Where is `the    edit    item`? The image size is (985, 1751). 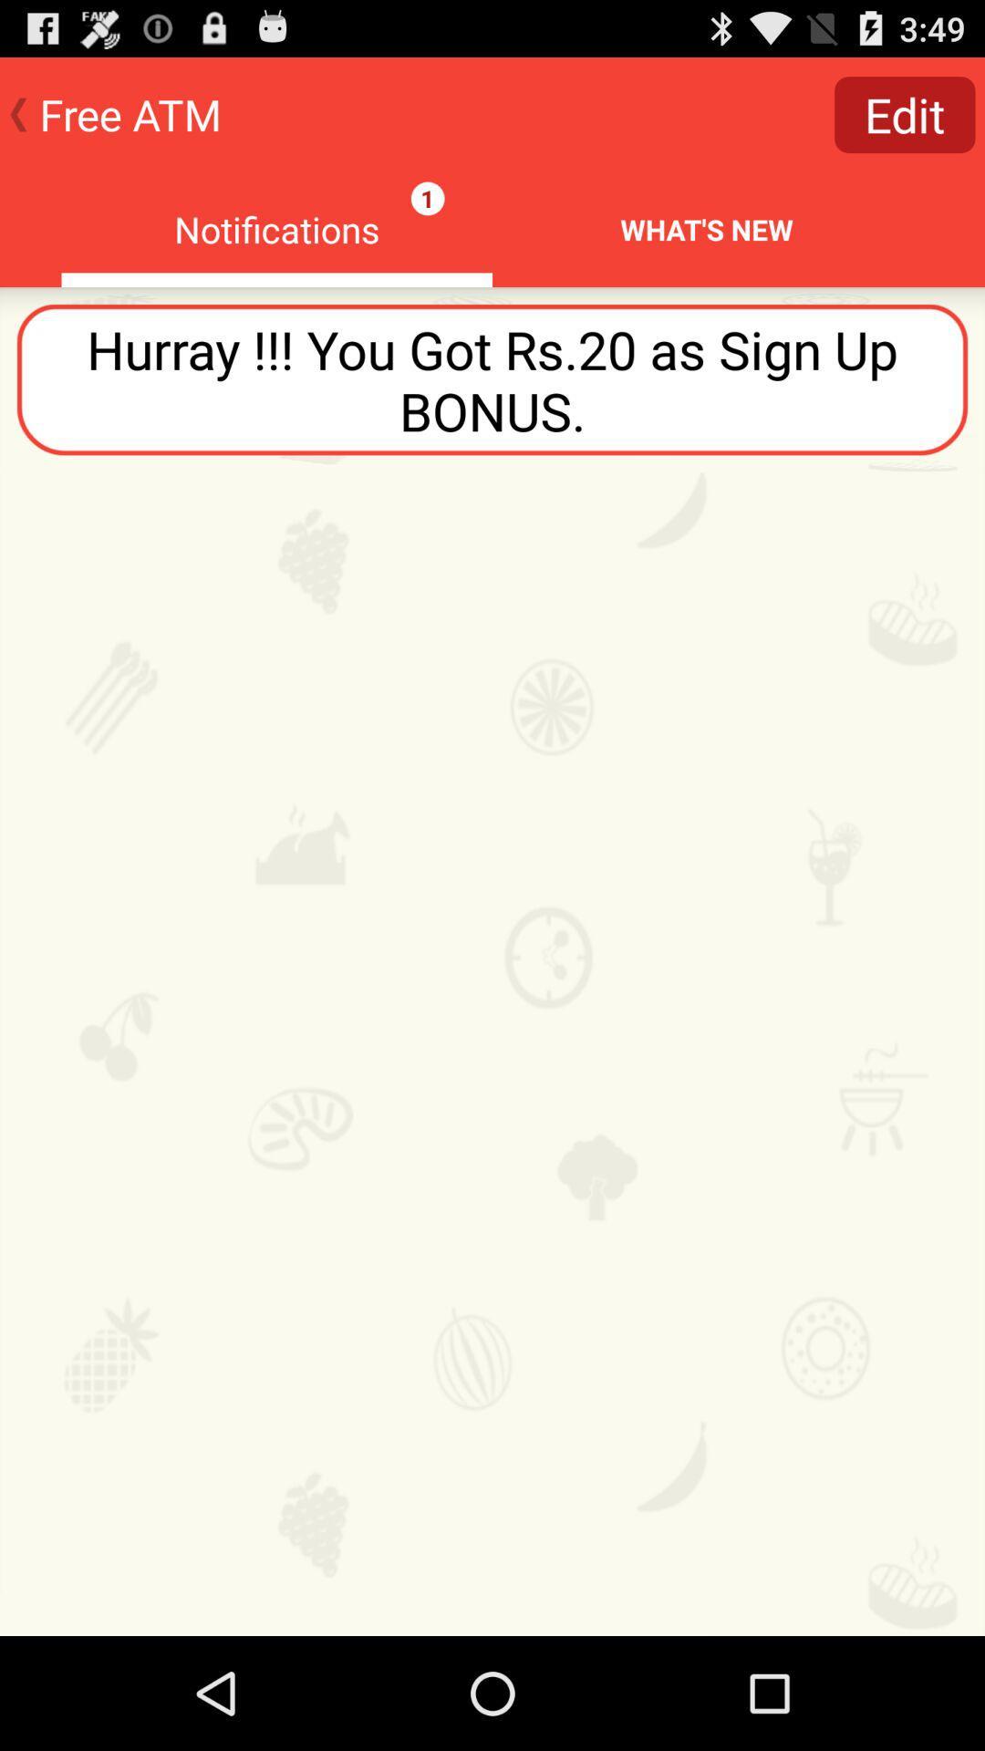
the    edit    item is located at coordinates (905, 113).